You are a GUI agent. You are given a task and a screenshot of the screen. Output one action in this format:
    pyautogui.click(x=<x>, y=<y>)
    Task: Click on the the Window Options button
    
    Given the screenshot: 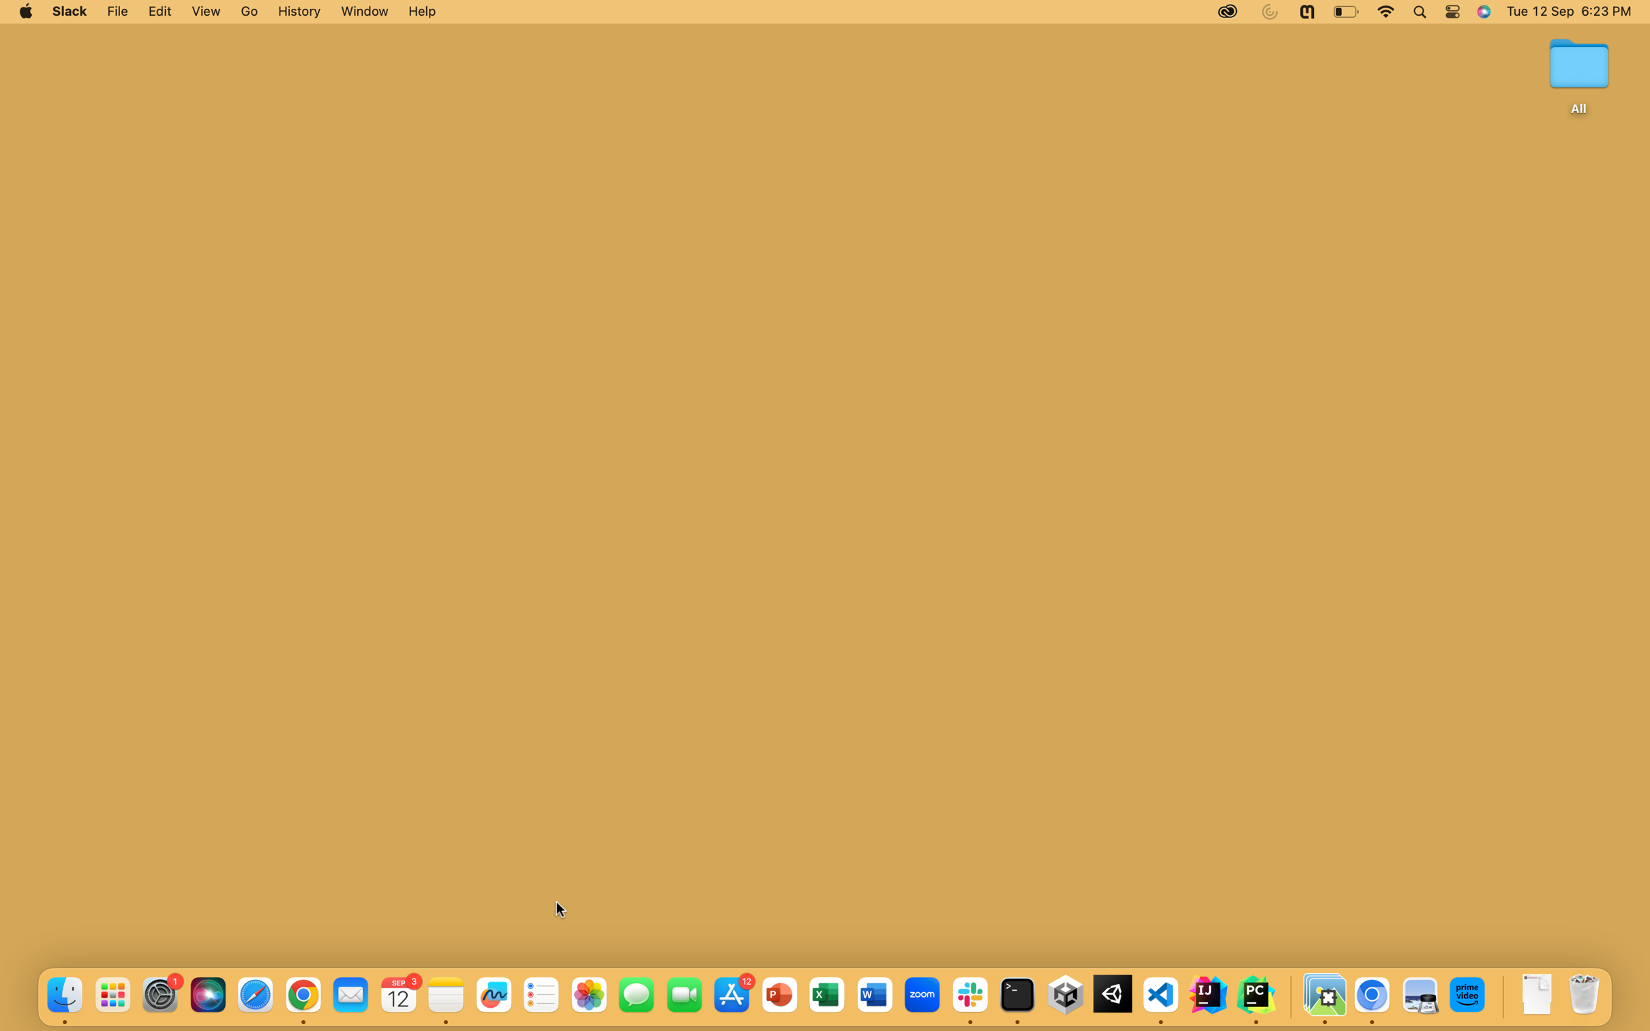 What is the action you would take?
    pyautogui.click(x=362, y=12)
    